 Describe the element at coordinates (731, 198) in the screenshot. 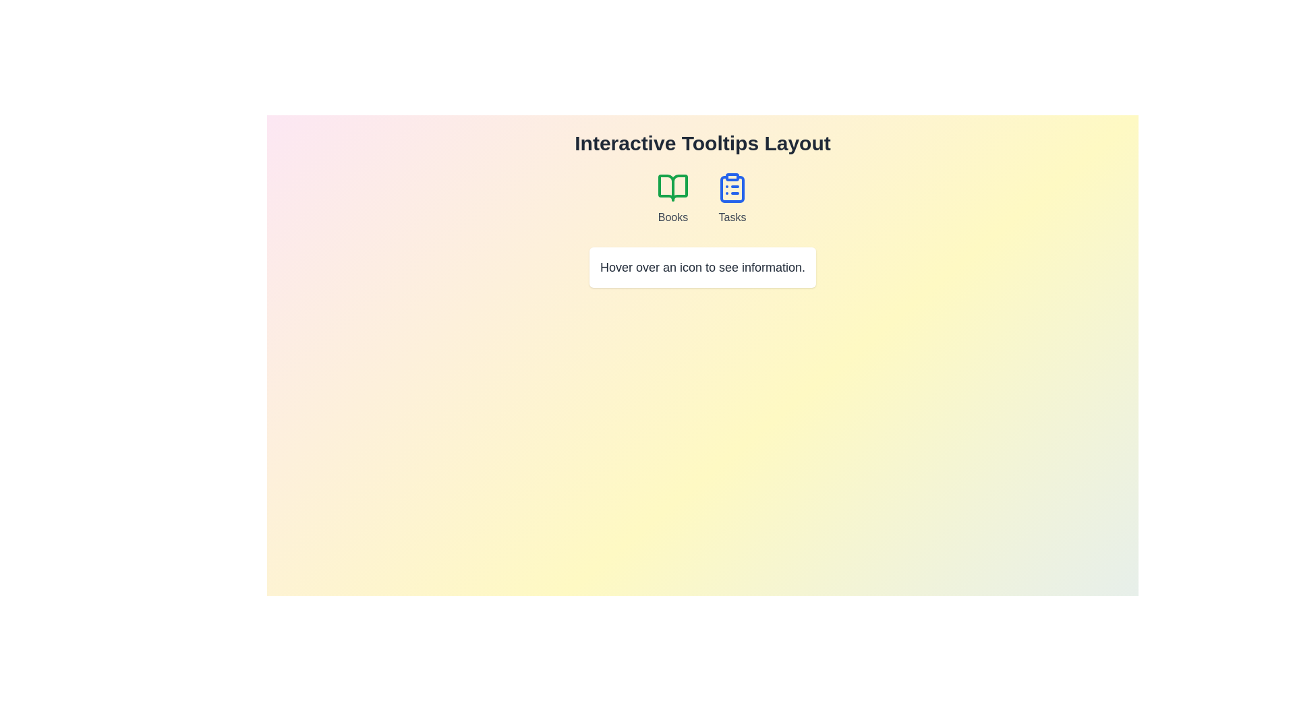

I see `the 'Tasks' labeled icon button, which features a clipboard icon and is styled in blue` at that location.